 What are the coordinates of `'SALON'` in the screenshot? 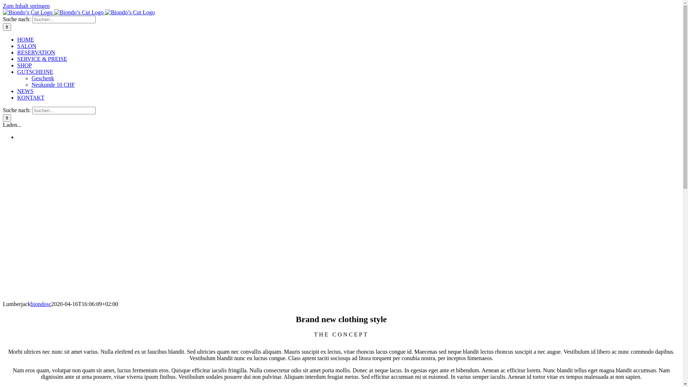 It's located at (27, 46).